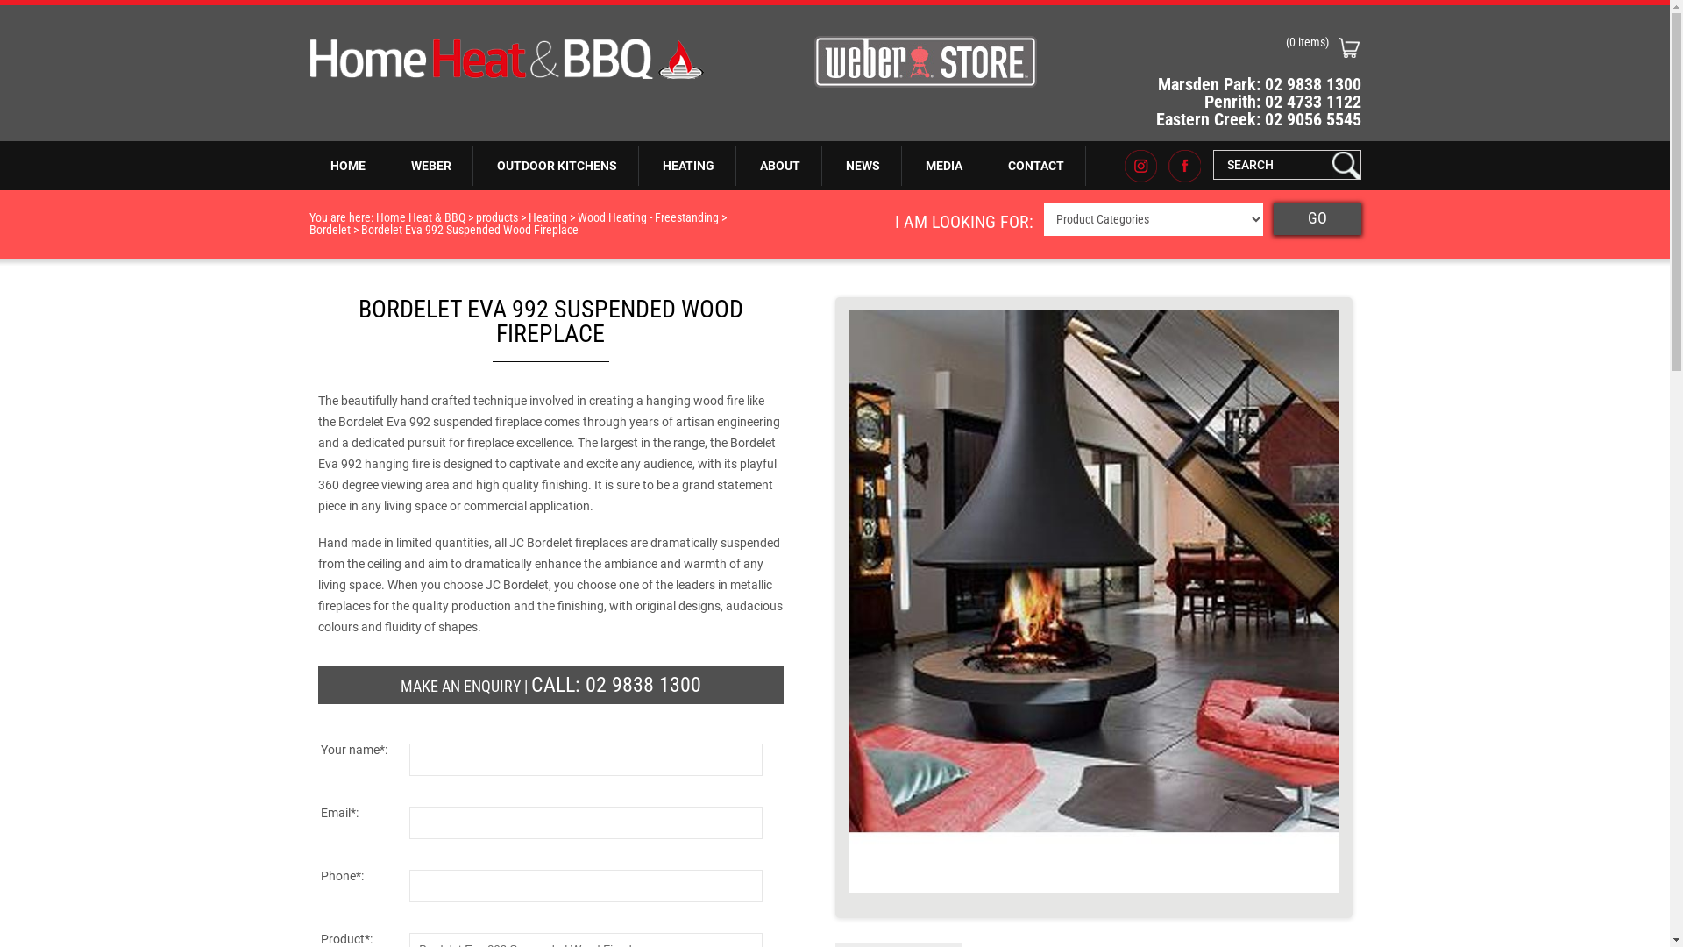 This screenshot has height=947, width=1683. I want to click on 'HOME', so click(347, 166).